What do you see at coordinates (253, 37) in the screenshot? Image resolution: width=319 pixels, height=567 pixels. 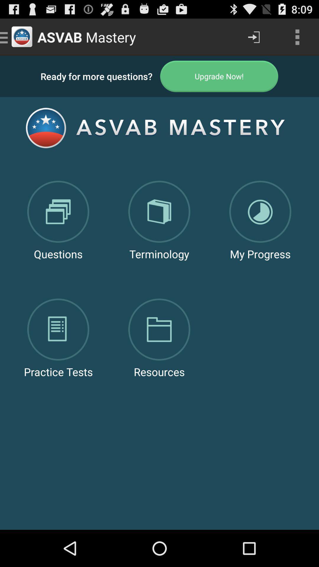 I see `the app to the right of asvab mastery app` at bounding box center [253, 37].